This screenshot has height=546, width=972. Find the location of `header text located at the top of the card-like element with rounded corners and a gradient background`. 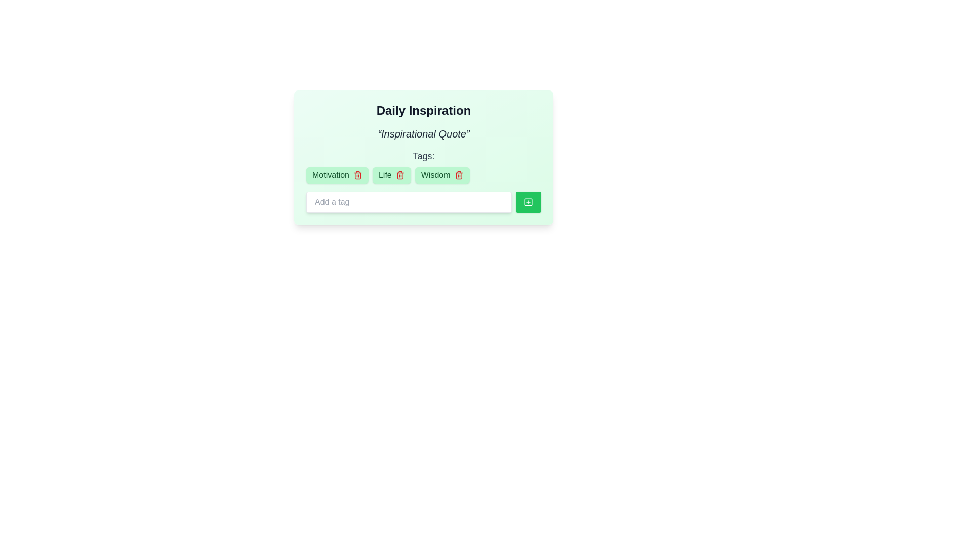

header text located at the top of the card-like element with rounded corners and a gradient background is located at coordinates (423, 111).